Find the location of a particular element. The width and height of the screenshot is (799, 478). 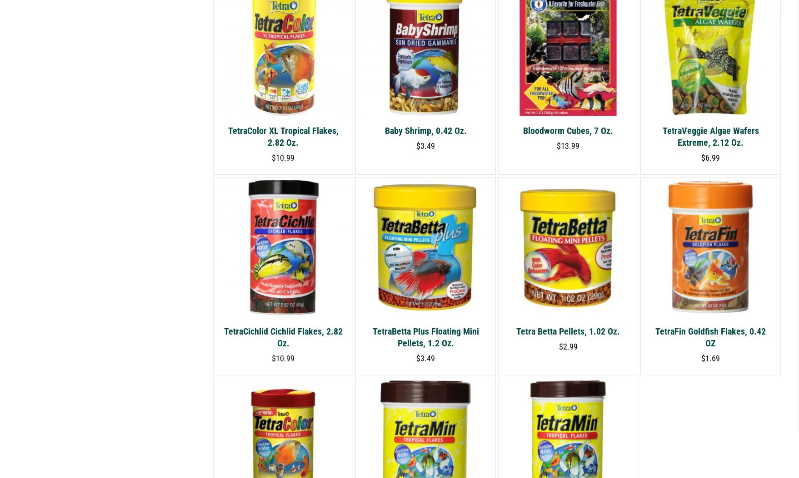

'TetraBetta Plus Floating Mini Pellets, 1.2 oz.' is located at coordinates (425, 336).